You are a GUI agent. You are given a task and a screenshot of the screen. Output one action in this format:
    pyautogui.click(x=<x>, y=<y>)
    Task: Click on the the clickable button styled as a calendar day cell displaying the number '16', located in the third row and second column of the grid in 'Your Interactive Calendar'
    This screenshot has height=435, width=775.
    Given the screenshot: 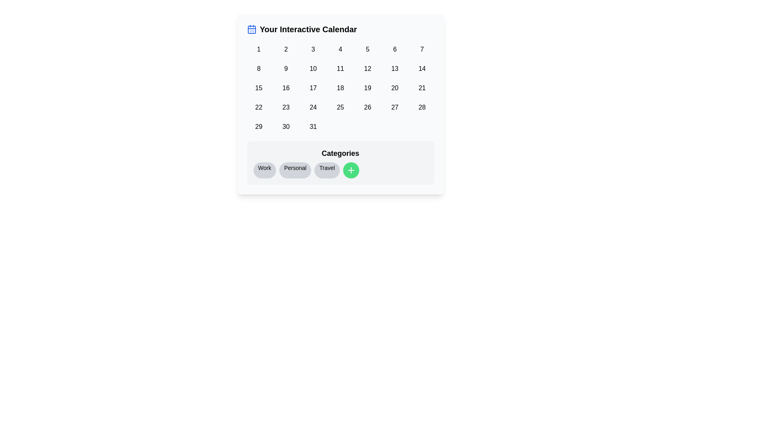 What is the action you would take?
    pyautogui.click(x=286, y=88)
    